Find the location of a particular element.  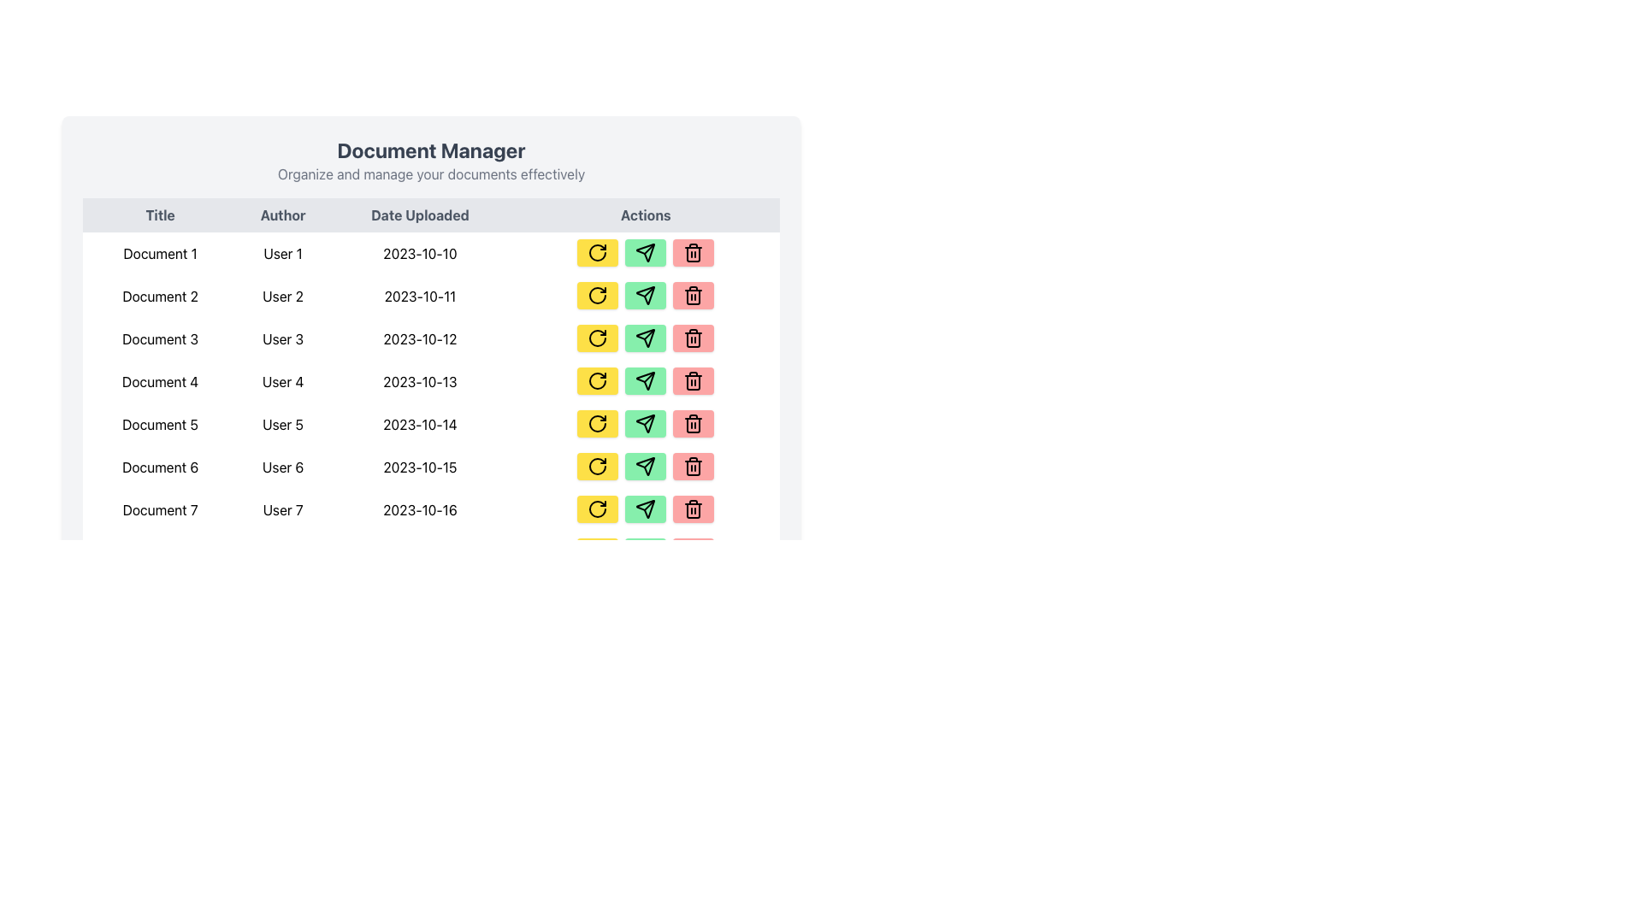

the static text label 'Date Uploaded', which is the third column header in a table layout, positioned between 'Author' and 'Actions' is located at coordinates (420, 214).